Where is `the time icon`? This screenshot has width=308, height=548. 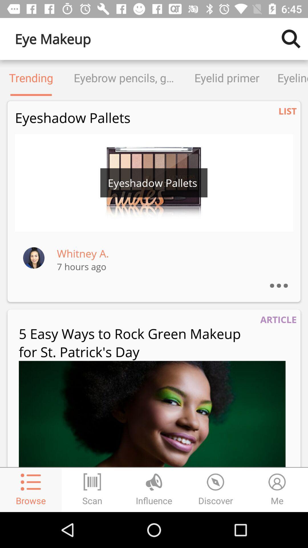
the time icon is located at coordinates (216, 489).